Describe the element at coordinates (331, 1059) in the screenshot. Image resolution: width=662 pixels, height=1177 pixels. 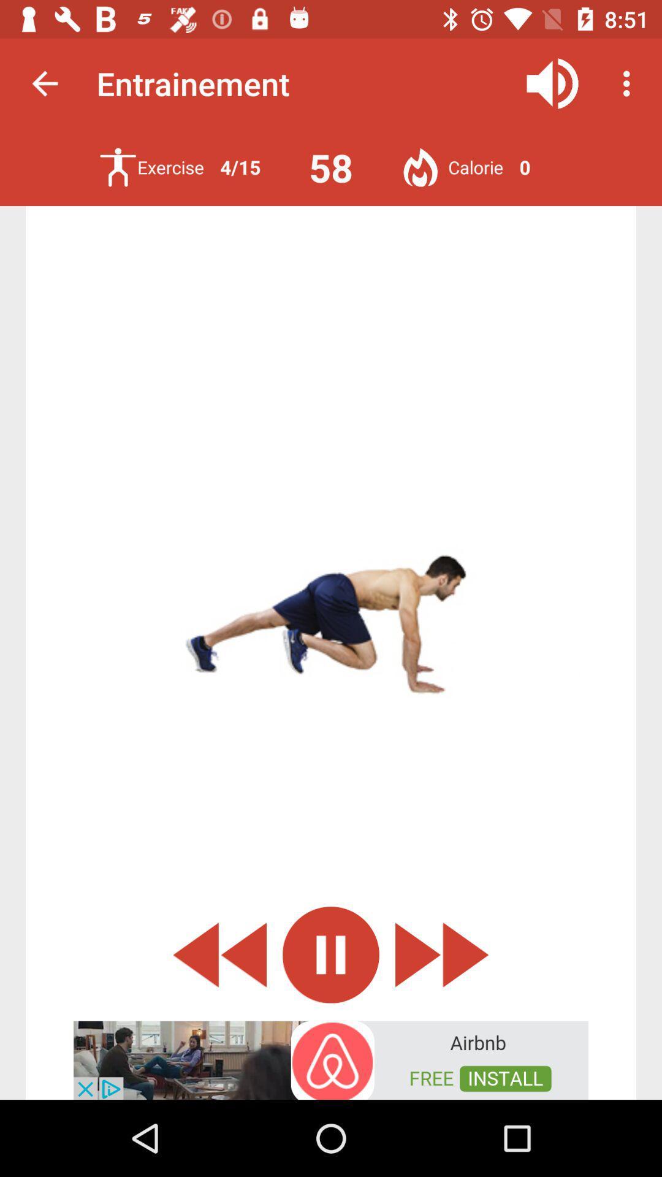
I see `airbnb advertisement` at that location.